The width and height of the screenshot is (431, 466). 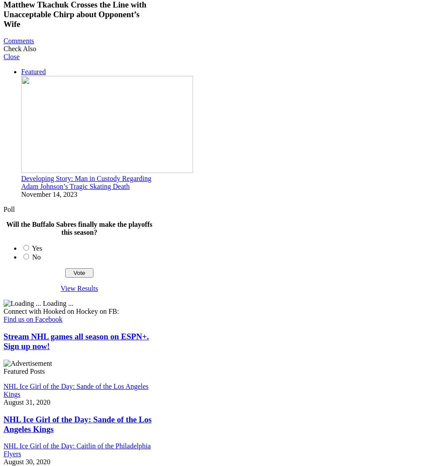 What do you see at coordinates (57, 303) in the screenshot?
I see `'Loading ...'` at bounding box center [57, 303].